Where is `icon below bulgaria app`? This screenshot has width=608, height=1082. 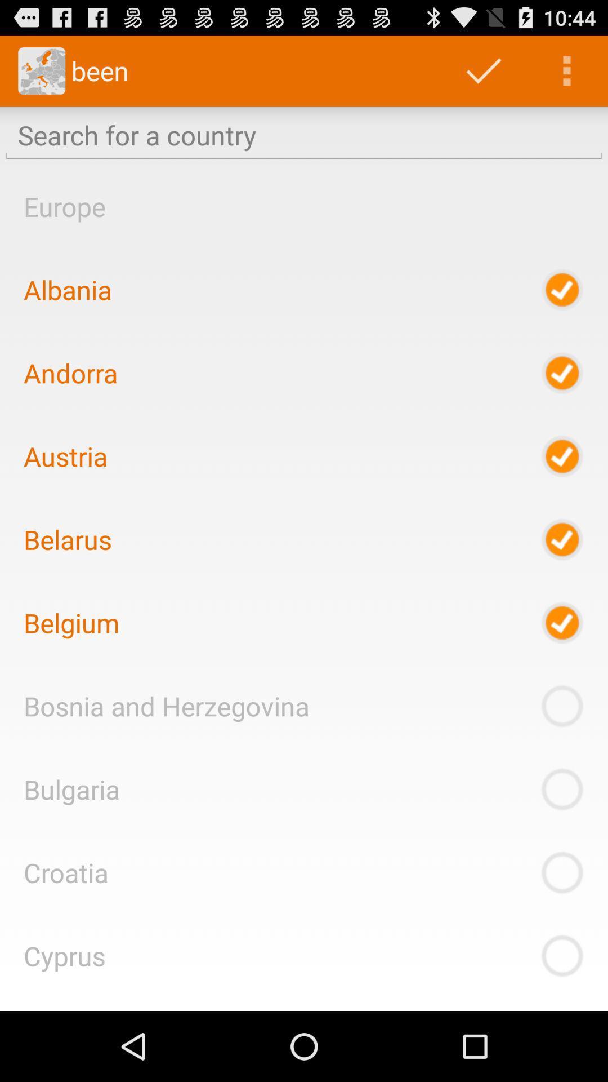
icon below bulgaria app is located at coordinates (66, 872).